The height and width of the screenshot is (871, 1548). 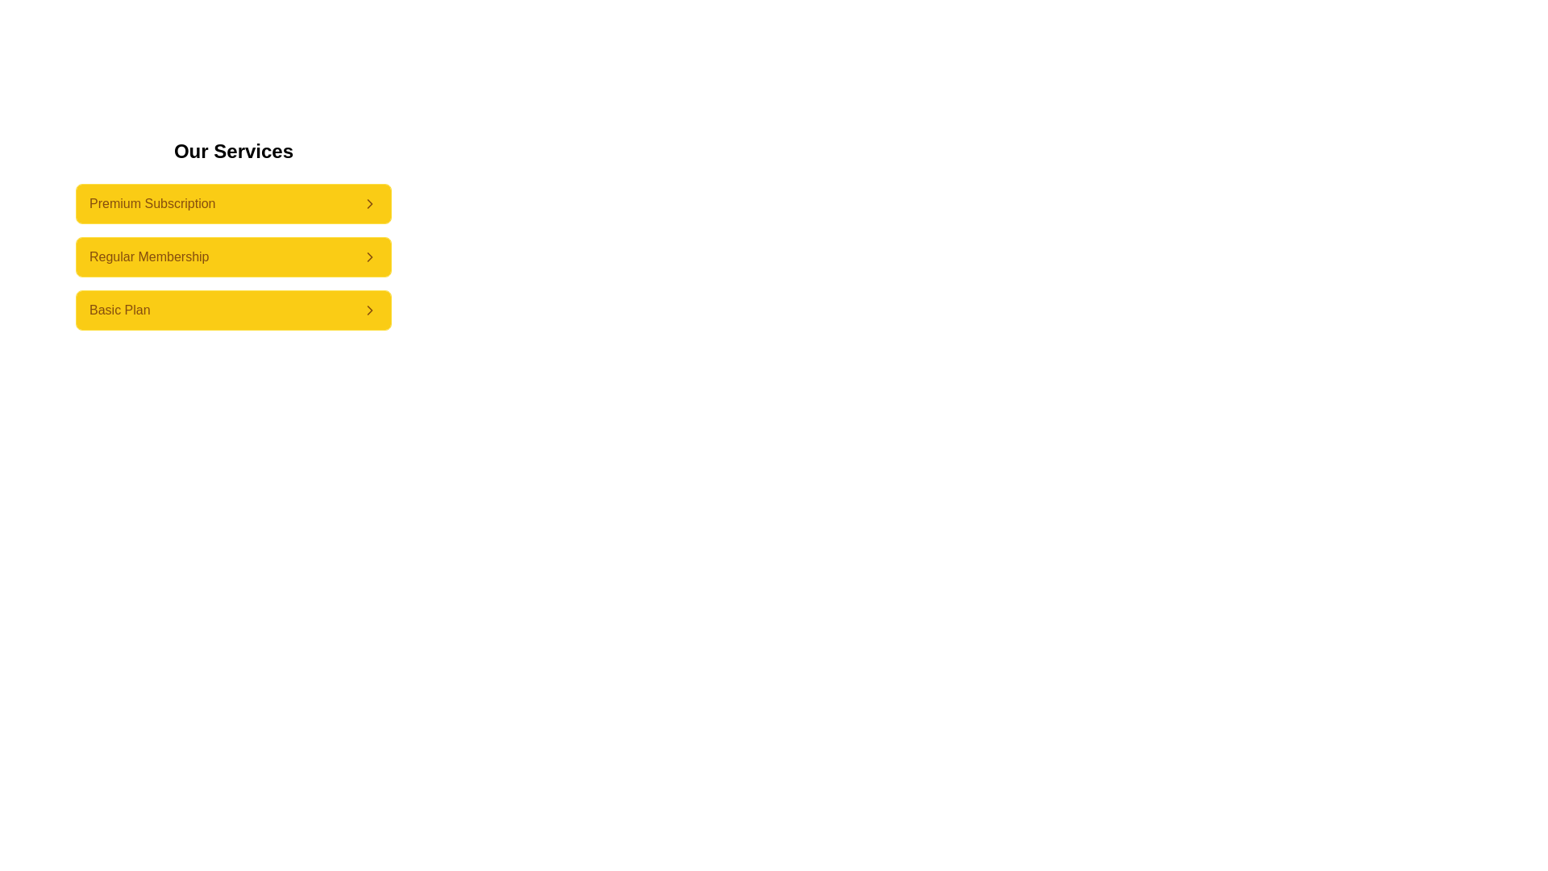 What do you see at coordinates (152, 203) in the screenshot?
I see `the 'Premium Subscription' text label which indicates the function of the associated button in the 'Our Services' section` at bounding box center [152, 203].